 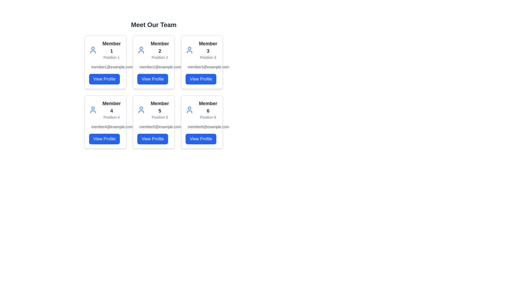 What do you see at coordinates (106, 122) in the screenshot?
I see `the 'View Profile' button on the card component for 'Member 4', which contains a title, subtitle, and email address, located` at bounding box center [106, 122].